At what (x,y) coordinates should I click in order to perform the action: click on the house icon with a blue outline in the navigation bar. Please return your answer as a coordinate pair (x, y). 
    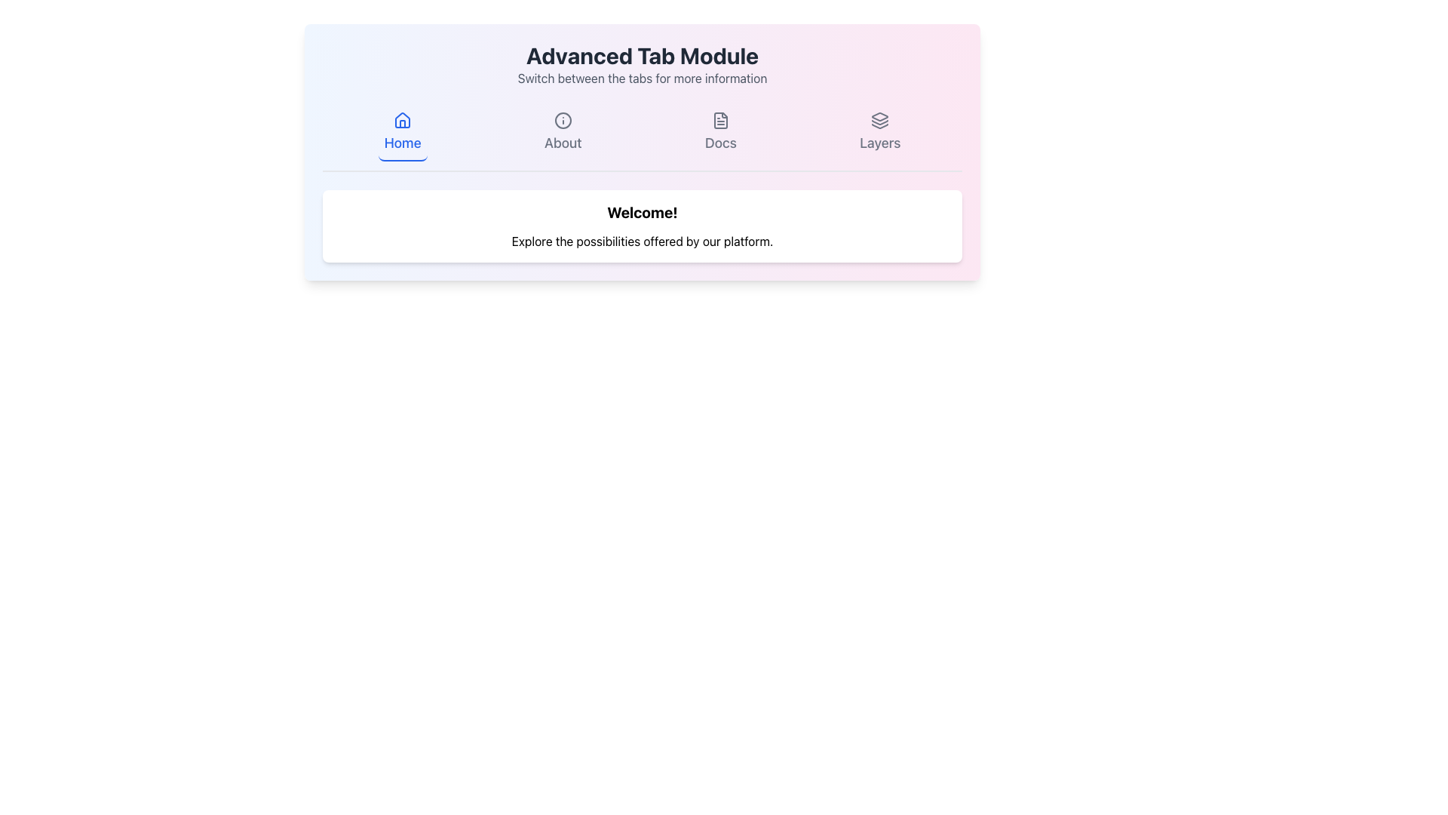
    Looking at the image, I should click on (403, 119).